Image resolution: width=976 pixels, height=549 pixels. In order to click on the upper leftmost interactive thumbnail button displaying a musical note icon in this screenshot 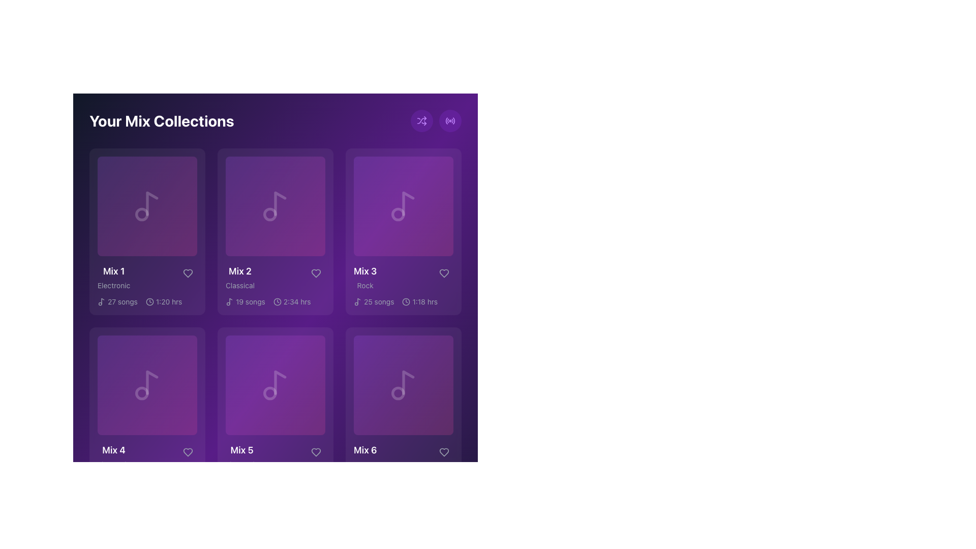, I will do `click(146, 206)`.